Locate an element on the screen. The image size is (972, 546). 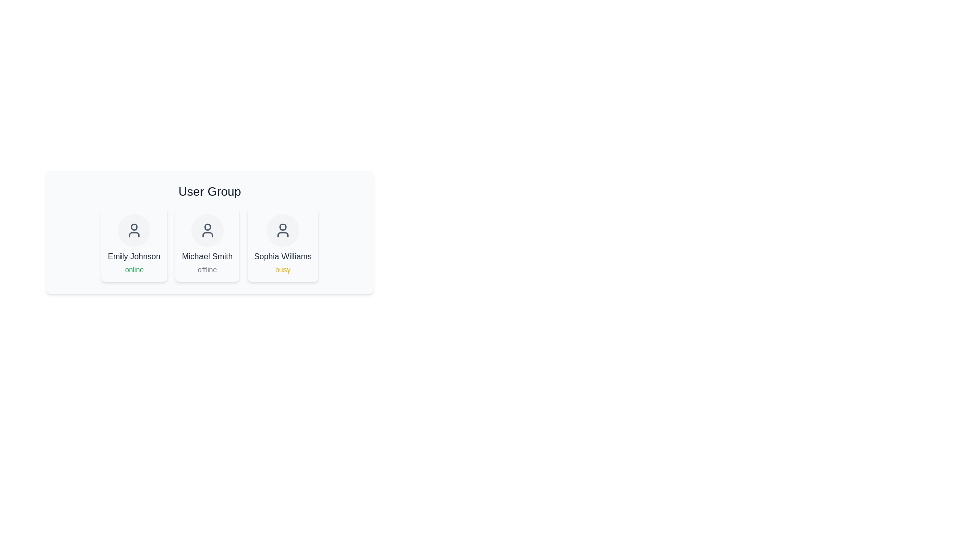
the user profile icon representing Emily Johnson, which is the first of three icons displayed horizontally at the top center of the card is located at coordinates (134, 230).